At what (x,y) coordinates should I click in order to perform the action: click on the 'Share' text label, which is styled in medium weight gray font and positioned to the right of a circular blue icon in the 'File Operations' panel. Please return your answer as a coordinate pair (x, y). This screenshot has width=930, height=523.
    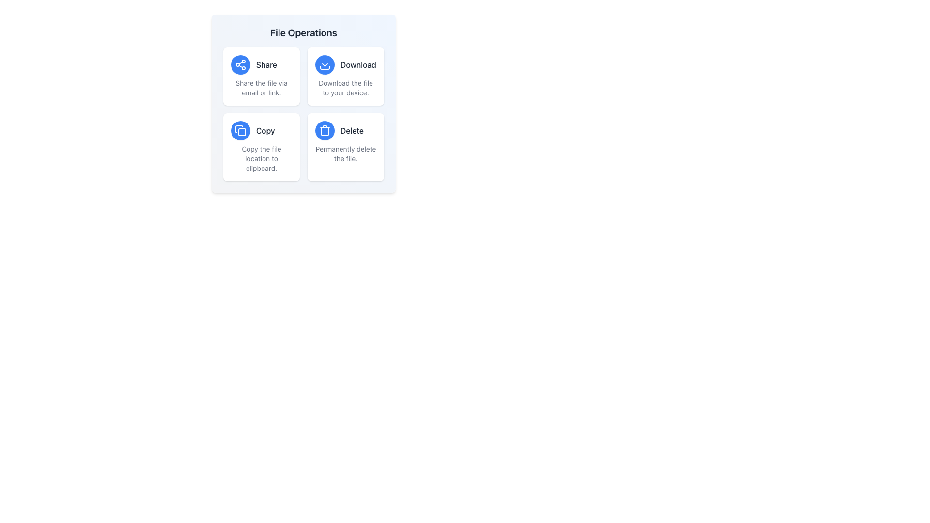
    Looking at the image, I should click on (266, 65).